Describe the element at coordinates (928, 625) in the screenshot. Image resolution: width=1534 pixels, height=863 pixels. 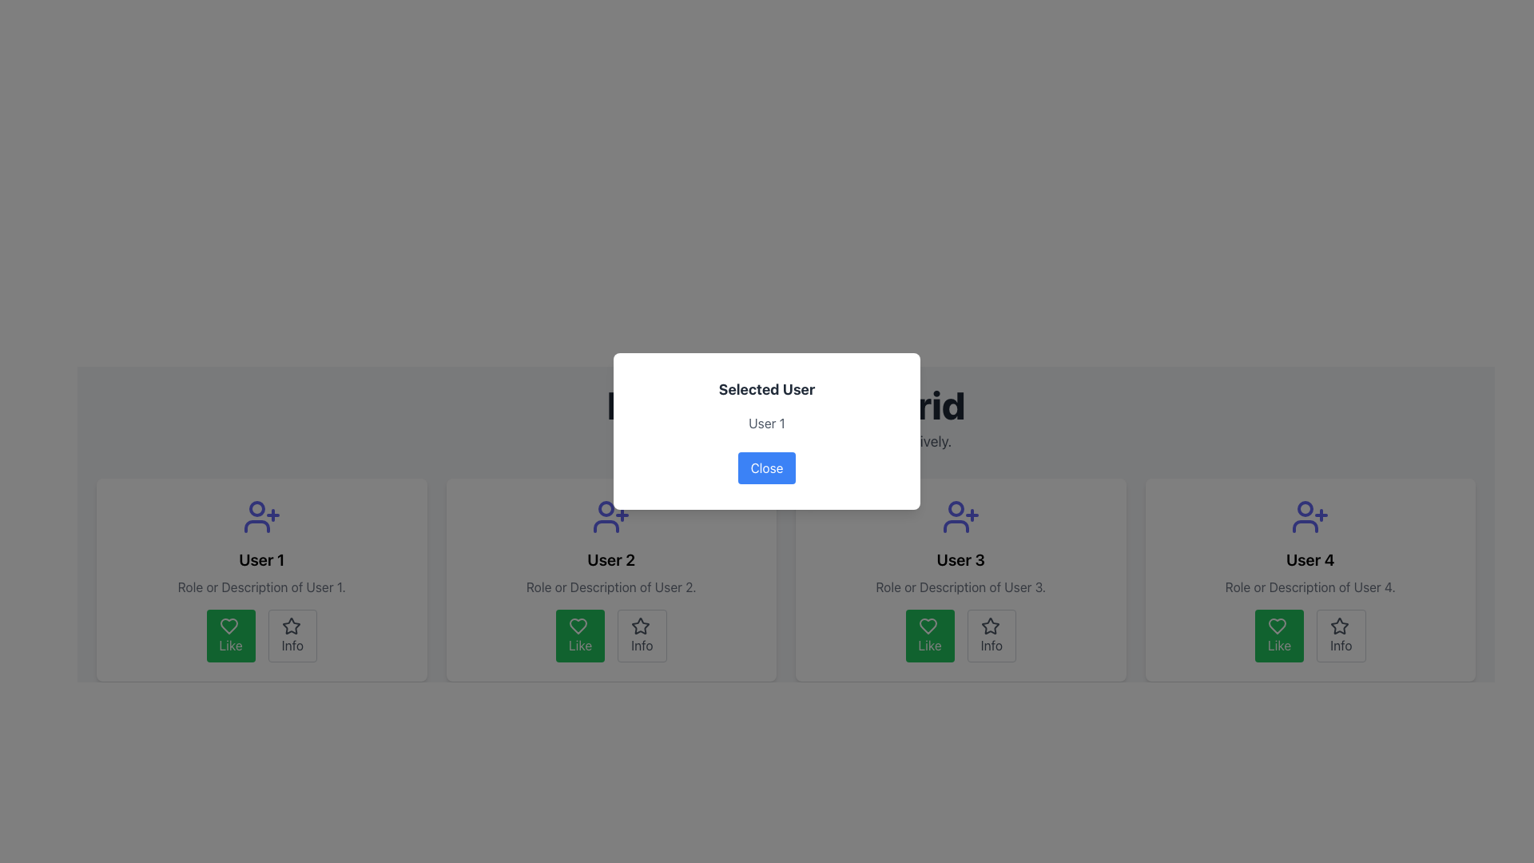
I see `the heart-shaped icon with a green outline located above the 'Like' text label within the button layout of the card associated with 'User 3'` at that location.